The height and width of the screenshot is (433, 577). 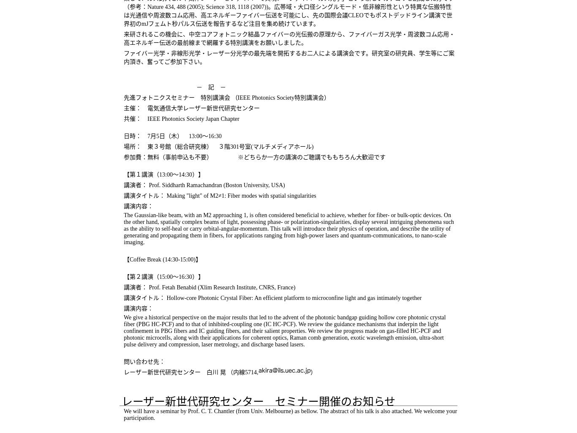 What do you see at coordinates (204, 185) in the screenshot?
I see `'講演者：  Prof. Siddharth Ramachandran (Boston University, USA)'` at bounding box center [204, 185].